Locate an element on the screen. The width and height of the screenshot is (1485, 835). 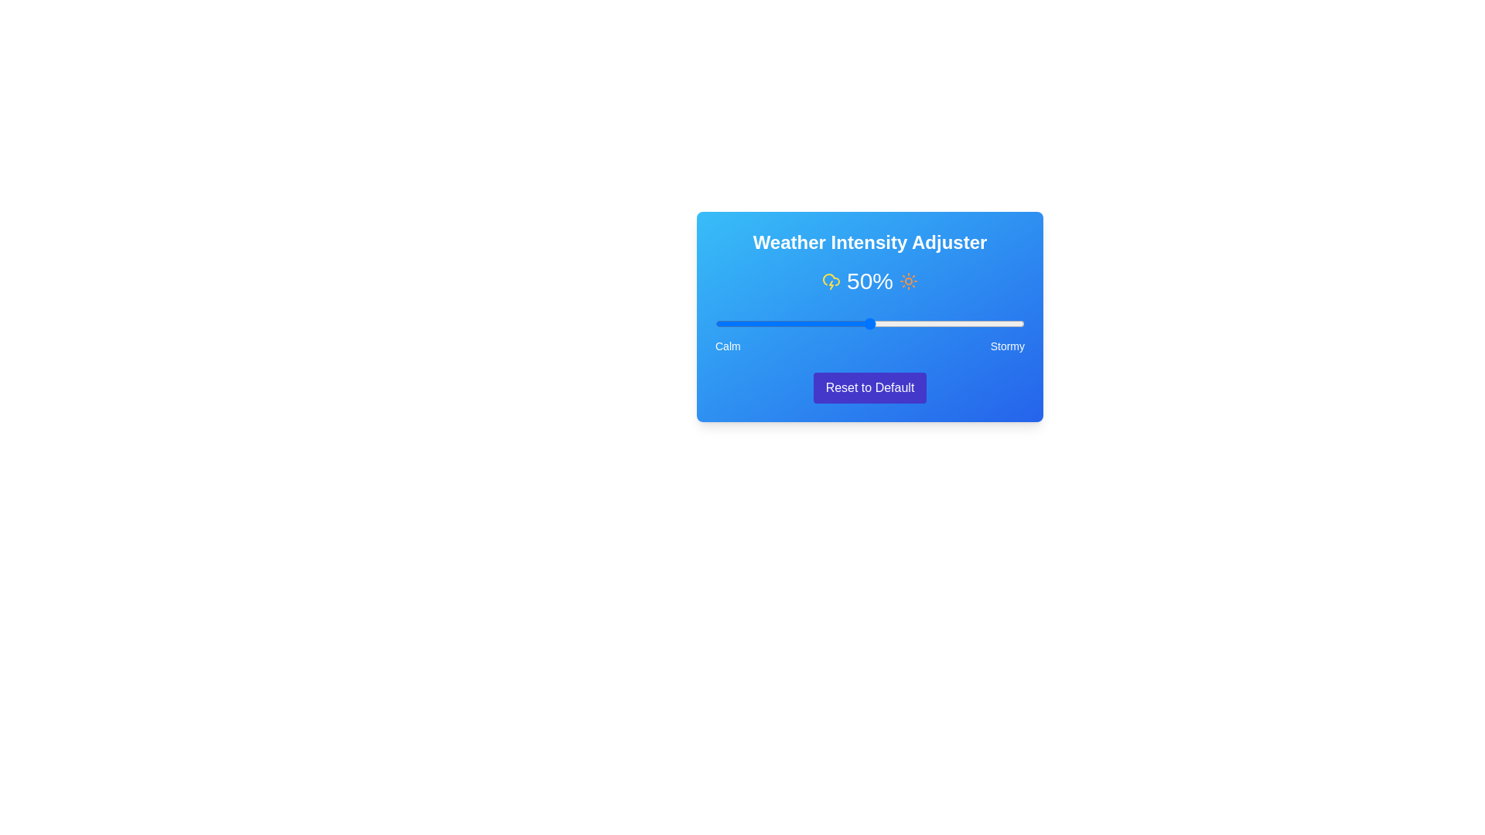
the 'Reset to Default' button is located at coordinates (869, 387).